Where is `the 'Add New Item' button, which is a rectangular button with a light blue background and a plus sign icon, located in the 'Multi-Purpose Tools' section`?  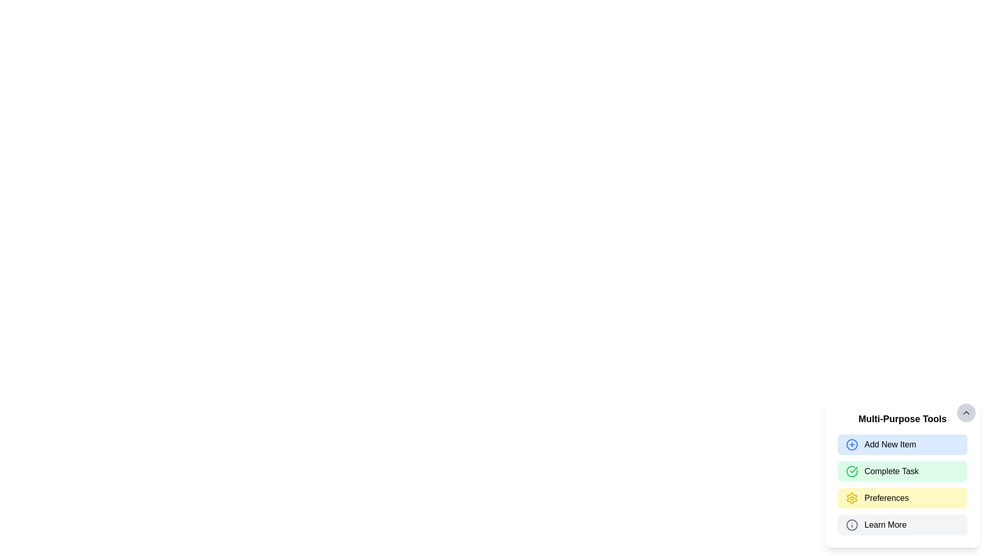
the 'Add New Item' button, which is a rectangular button with a light blue background and a plus sign icon, located in the 'Multi-Purpose Tools' section is located at coordinates (902, 444).